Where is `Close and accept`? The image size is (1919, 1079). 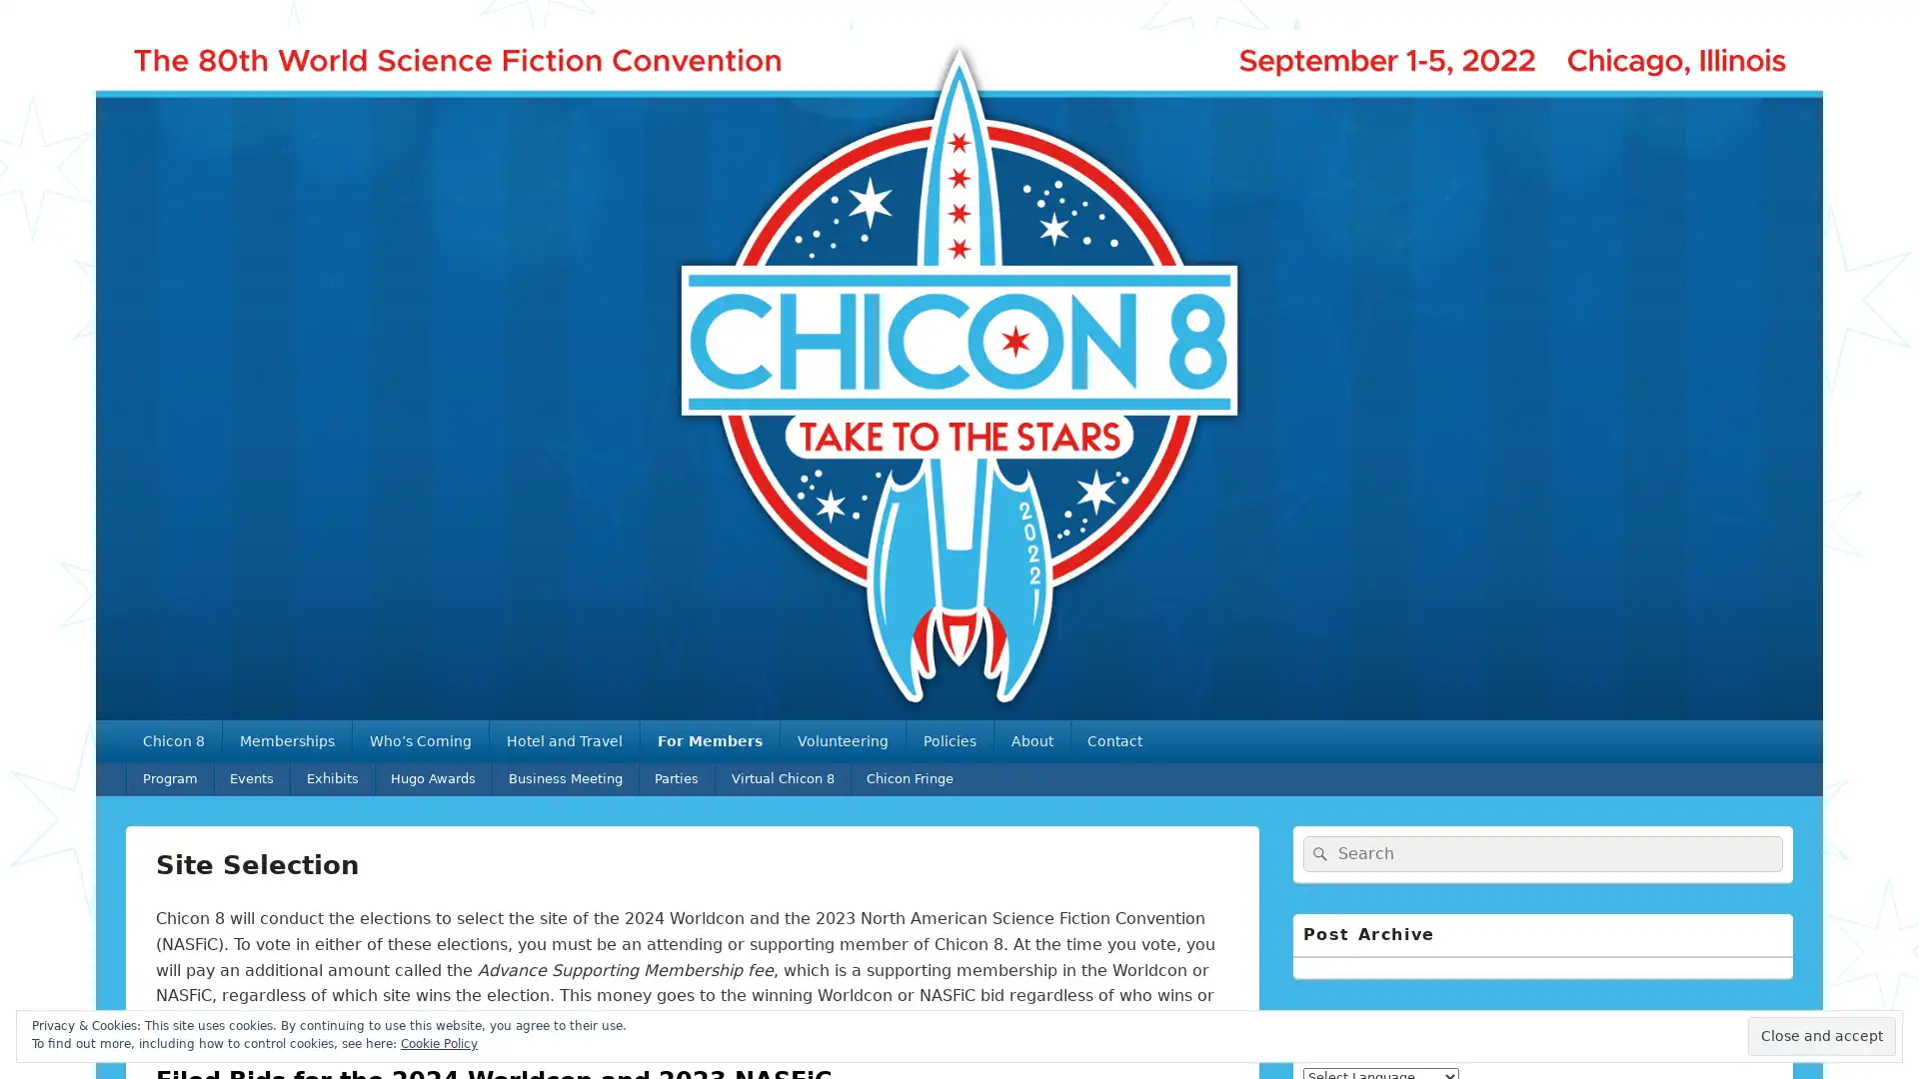 Close and accept is located at coordinates (1822, 1035).